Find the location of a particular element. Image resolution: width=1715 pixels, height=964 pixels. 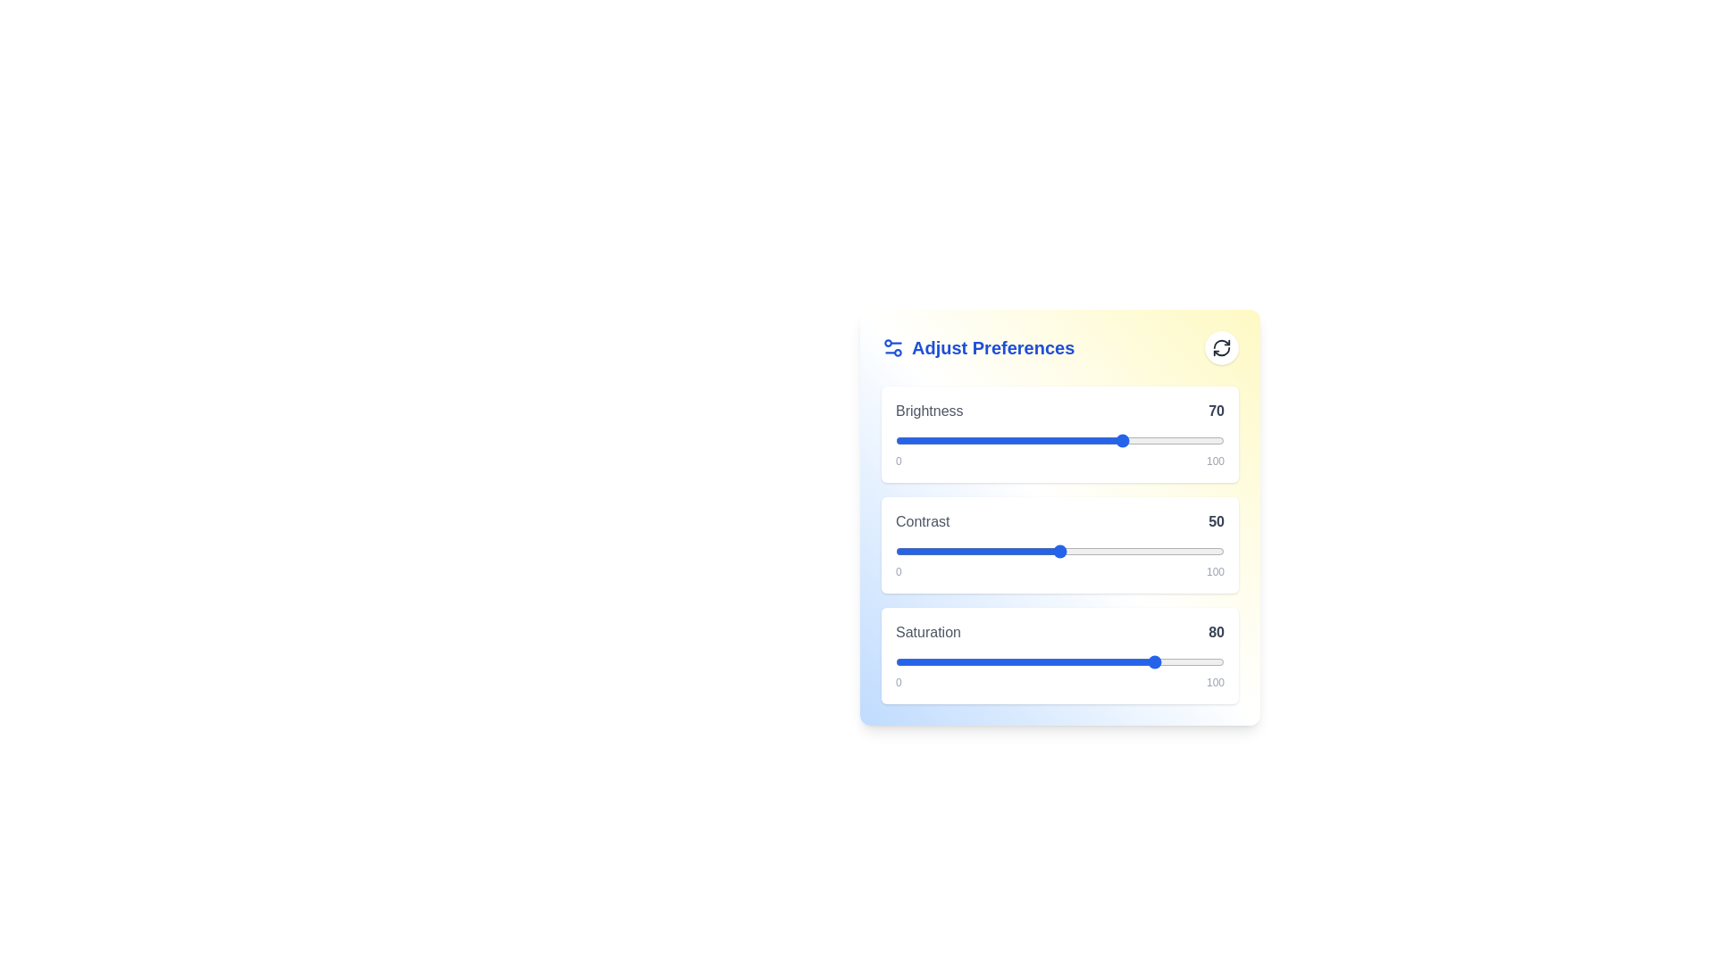

the static text label displaying the number '100', which is styled in a small-sized font with a light gray color, located on the right side of the slider control for the 'Brightness' setting is located at coordinates (1215, 460).